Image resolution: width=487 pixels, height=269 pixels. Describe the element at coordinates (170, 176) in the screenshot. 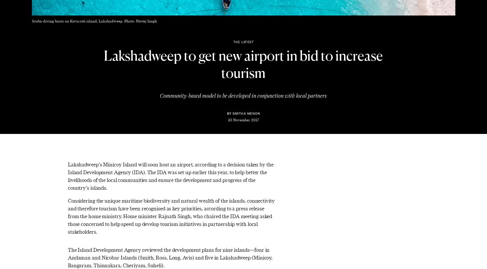

I see `'Lakshadweep's Minicoy Island will soon host an airport, according to a decision taken by the Island Development Agency (IDA). The IDA was set up earlier this year, to help better the livelihoods of the local communities and ensure the development and progress of the country's islands.'` at that location.